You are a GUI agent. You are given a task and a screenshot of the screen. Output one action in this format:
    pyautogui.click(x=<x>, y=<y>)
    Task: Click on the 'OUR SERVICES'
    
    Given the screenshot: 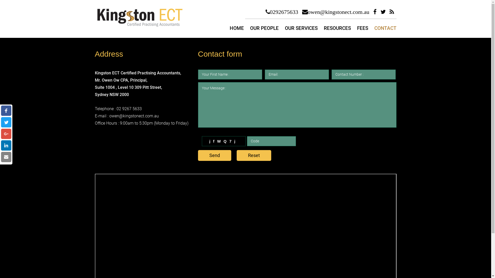 What is the action you would take?
    pyautogui.click(x=301, y=28)
    